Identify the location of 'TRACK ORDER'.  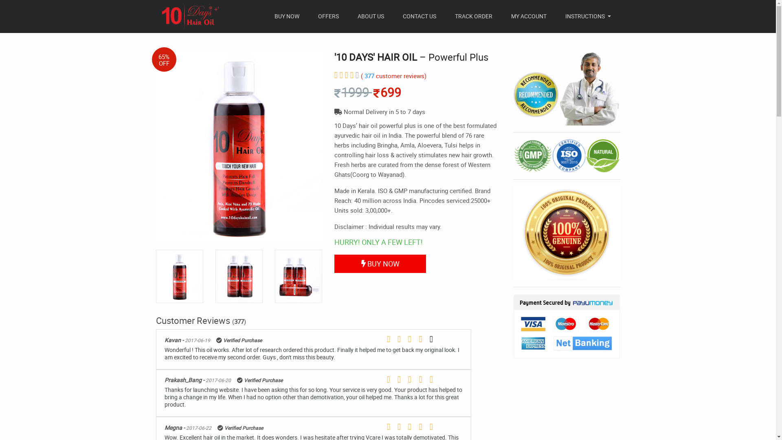
(473, 16).